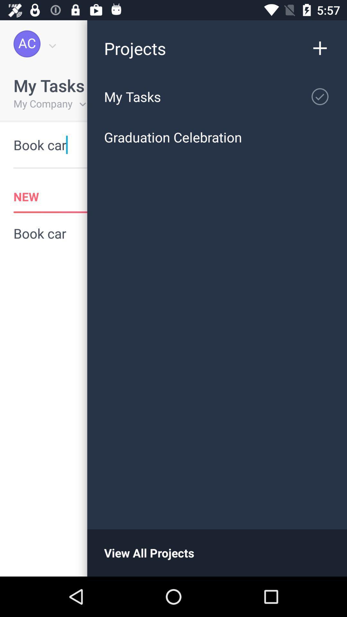 This screenshot has width=347, height=617. What do you see at coordinates (320, 96) in the screenshot?
I see `icon below` at bounding box center [320, 96].